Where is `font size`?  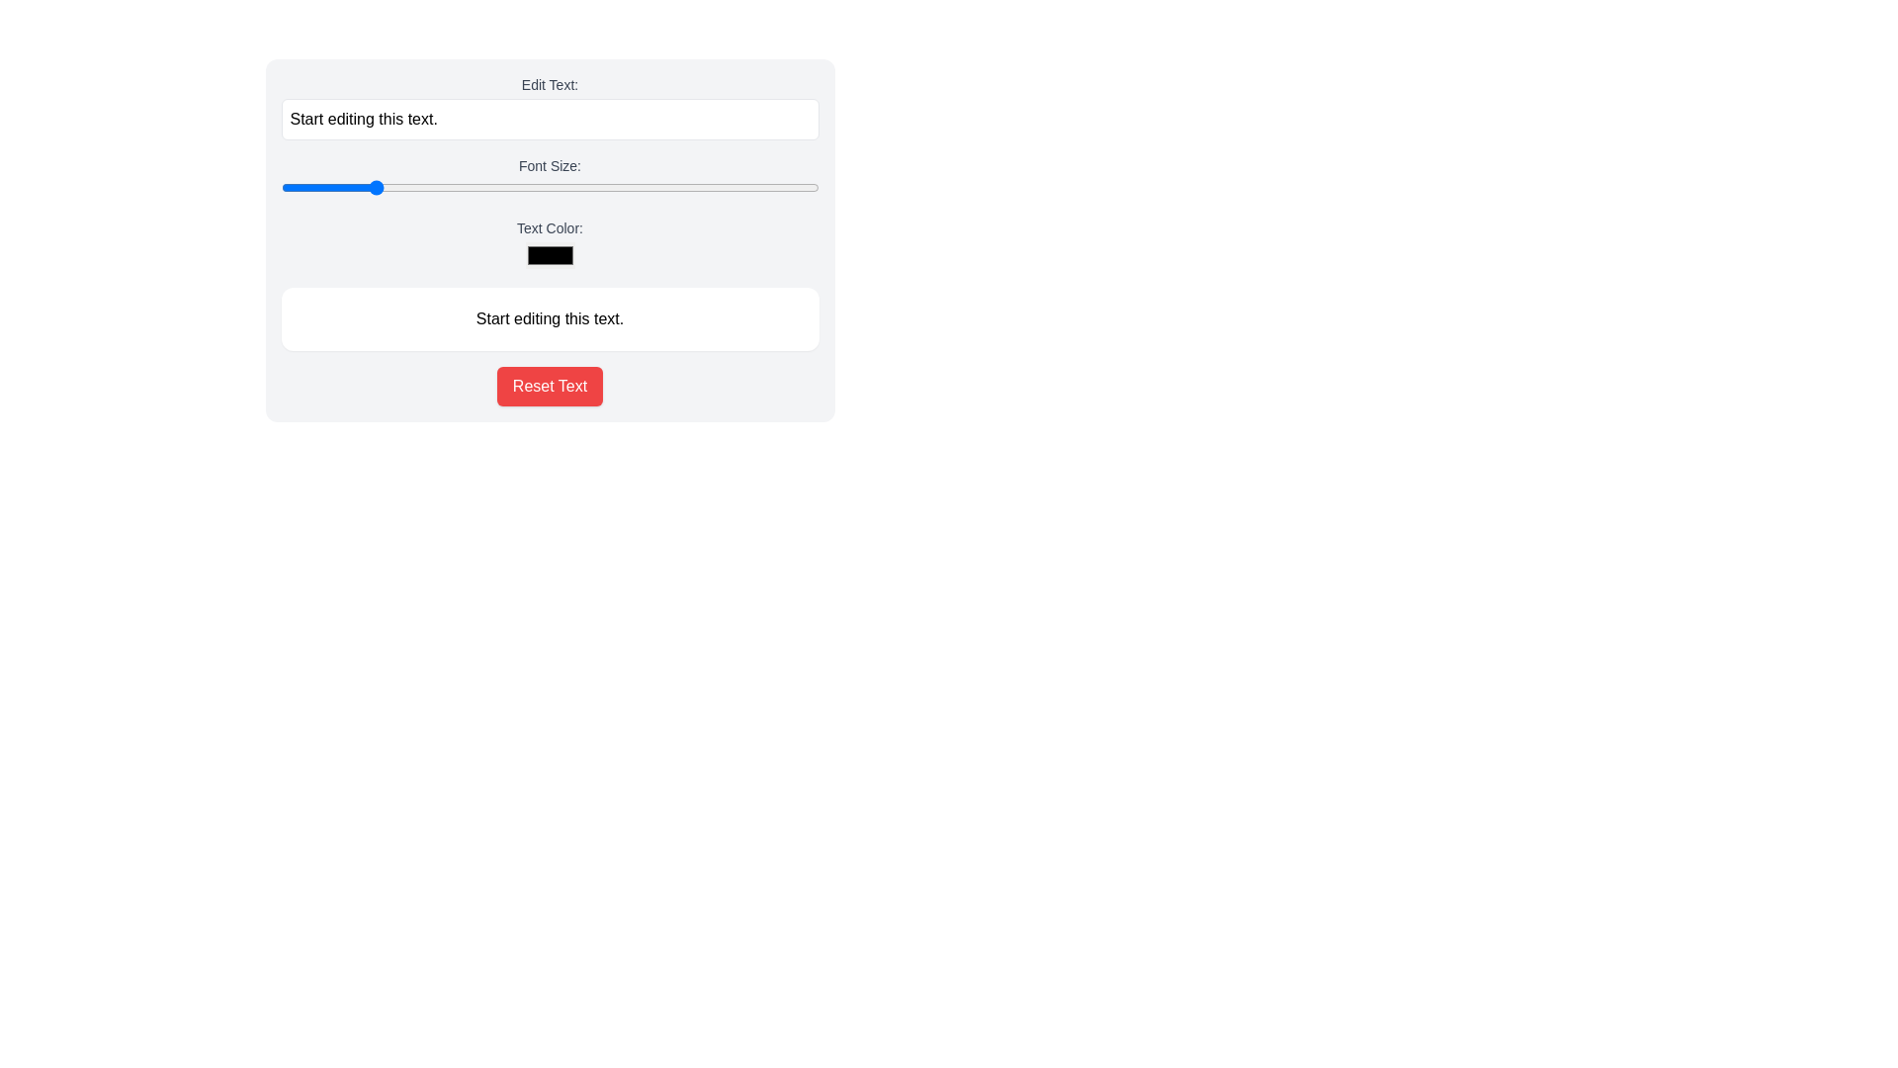
font size is located at coordinates (796, 187).